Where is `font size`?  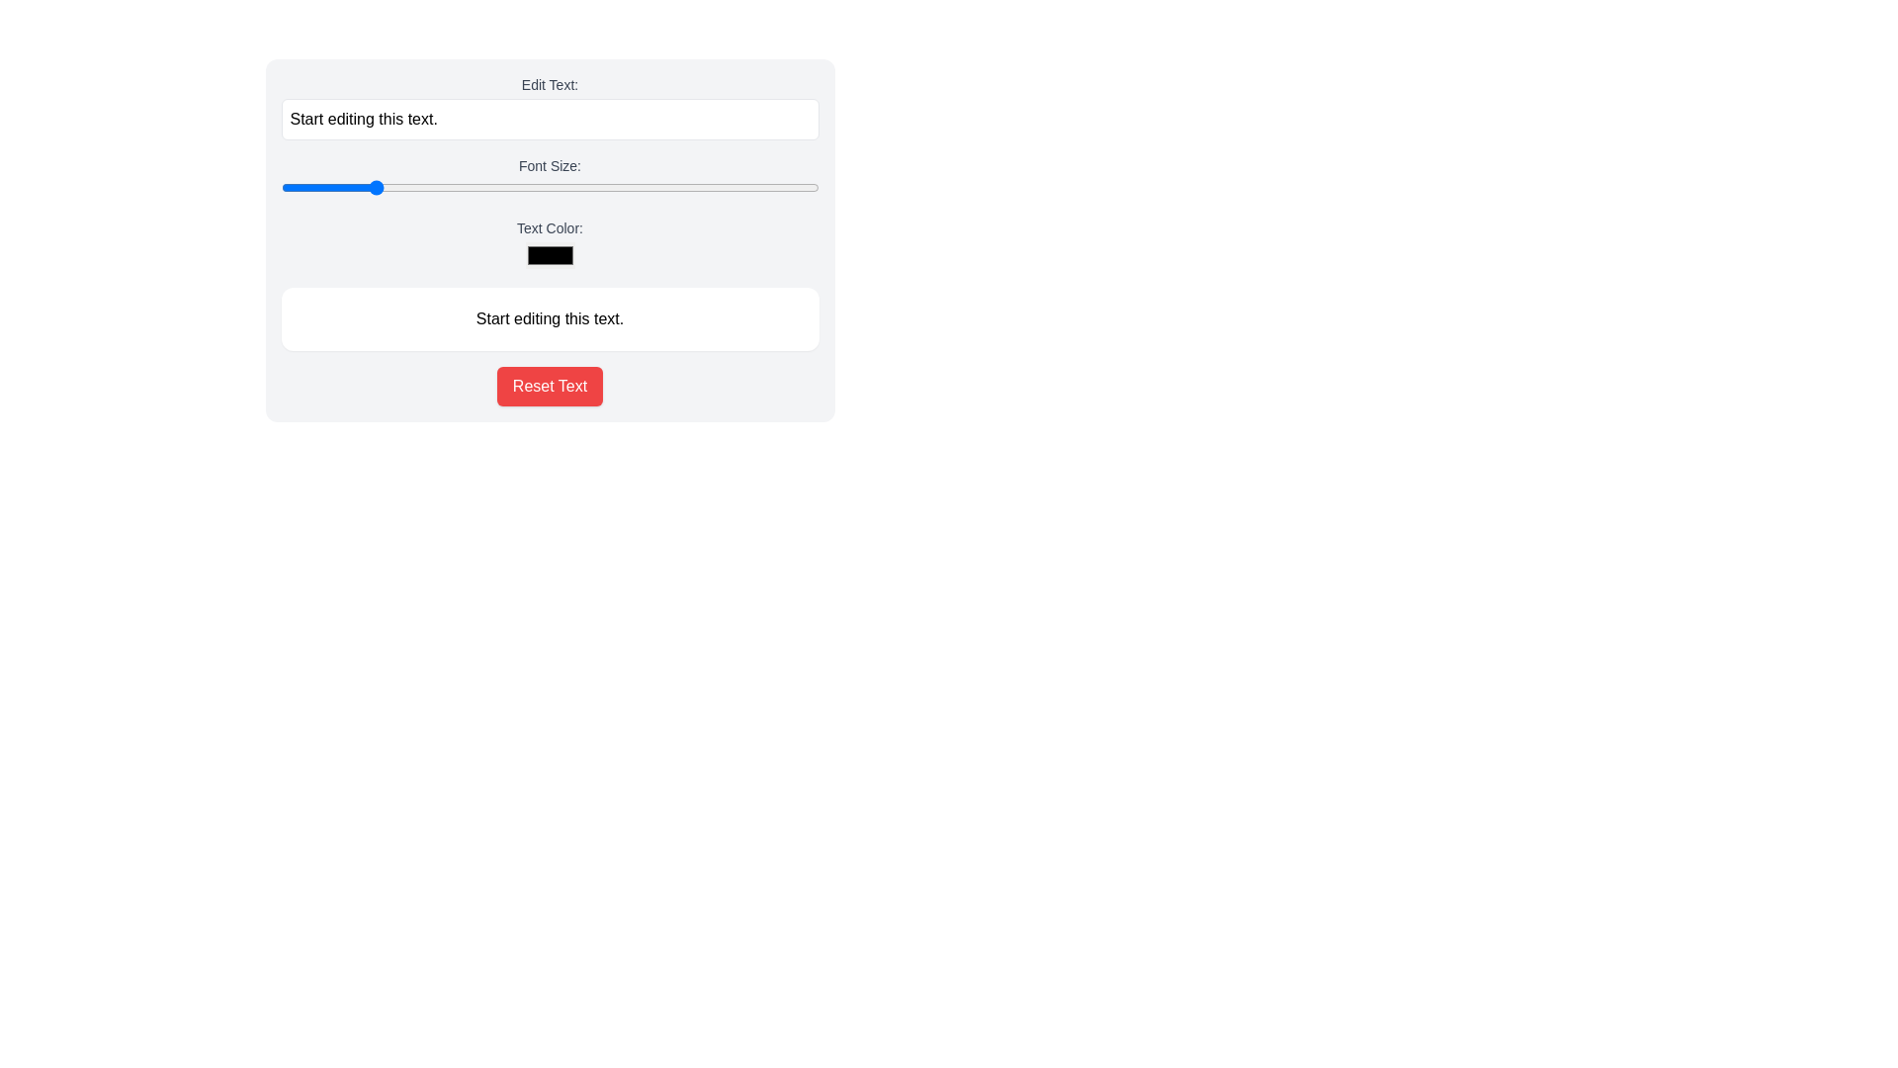
font size is located at coordinates (796, 187).